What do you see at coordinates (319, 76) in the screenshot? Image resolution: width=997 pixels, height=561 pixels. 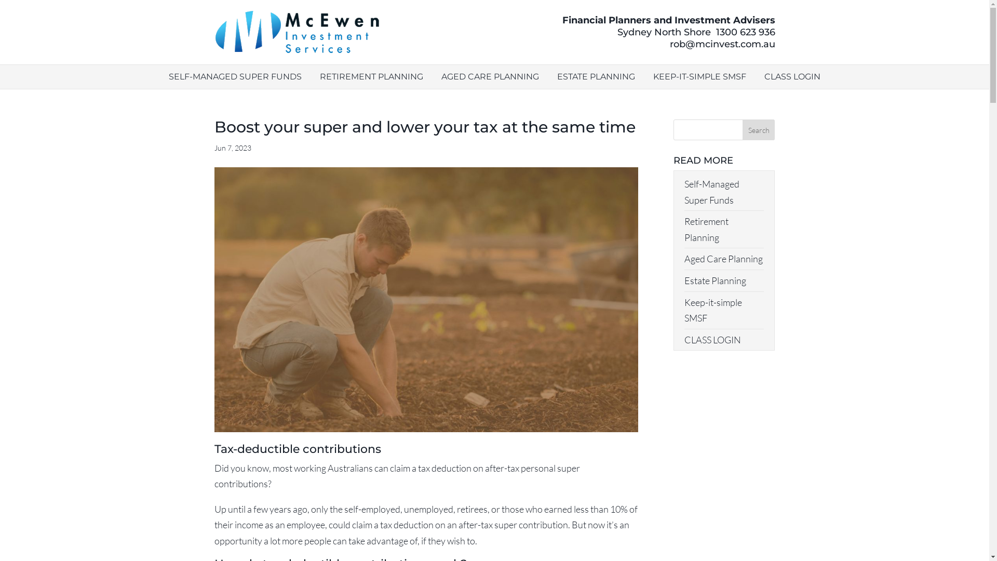 I see `'RETIREMENT PLANNING'` at bounding box center [319, 76].